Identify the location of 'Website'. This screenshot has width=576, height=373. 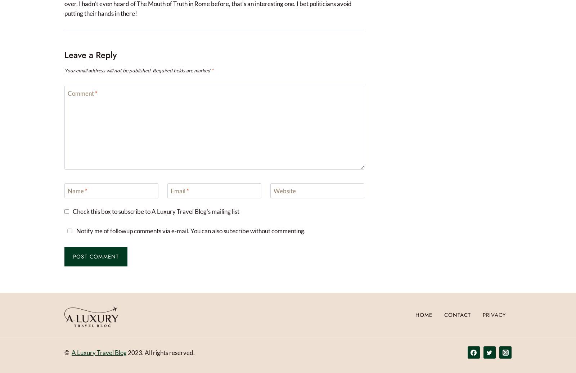
(284, 190).